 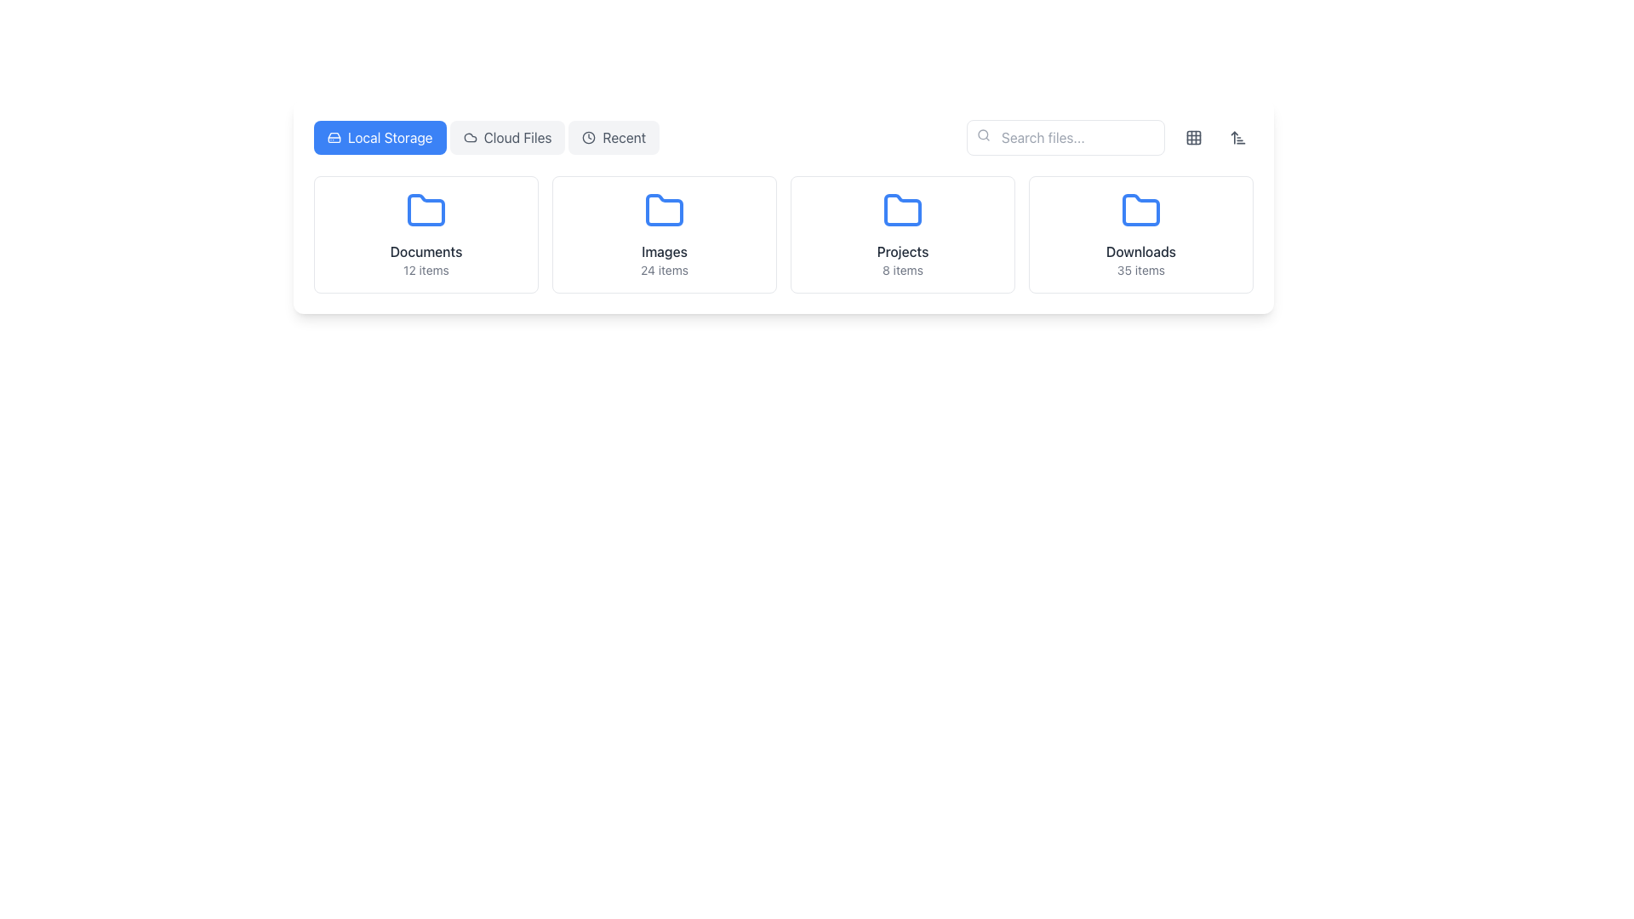 What do you see at coordinates (470, 137) in the screenshot?
I see `the Cloud icon located in the top right corner of the navigation bar` at bounding box center [470, 137].